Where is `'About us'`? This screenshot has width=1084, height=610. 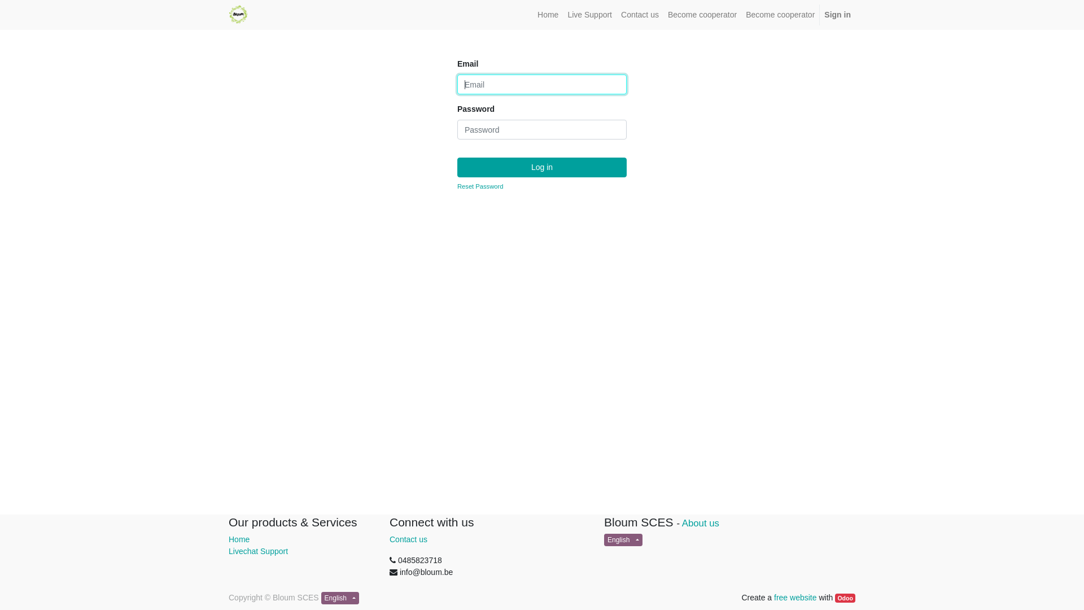
'About us' is located at coordinates (700, 523).